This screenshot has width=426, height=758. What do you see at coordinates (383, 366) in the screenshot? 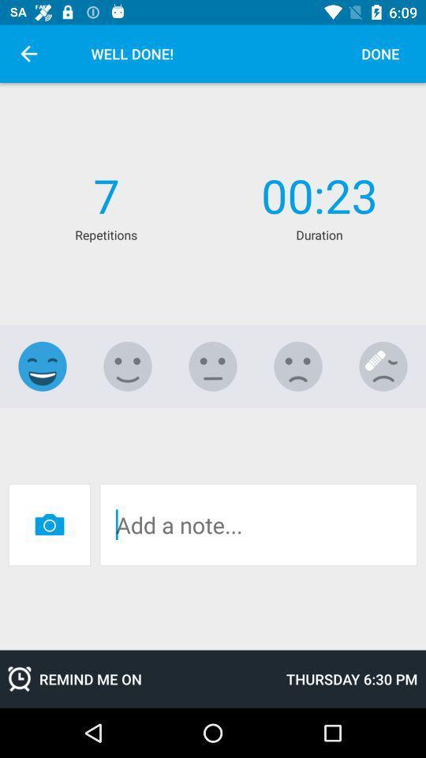
I see `the emoji icon` at bounding box center [383, 366].